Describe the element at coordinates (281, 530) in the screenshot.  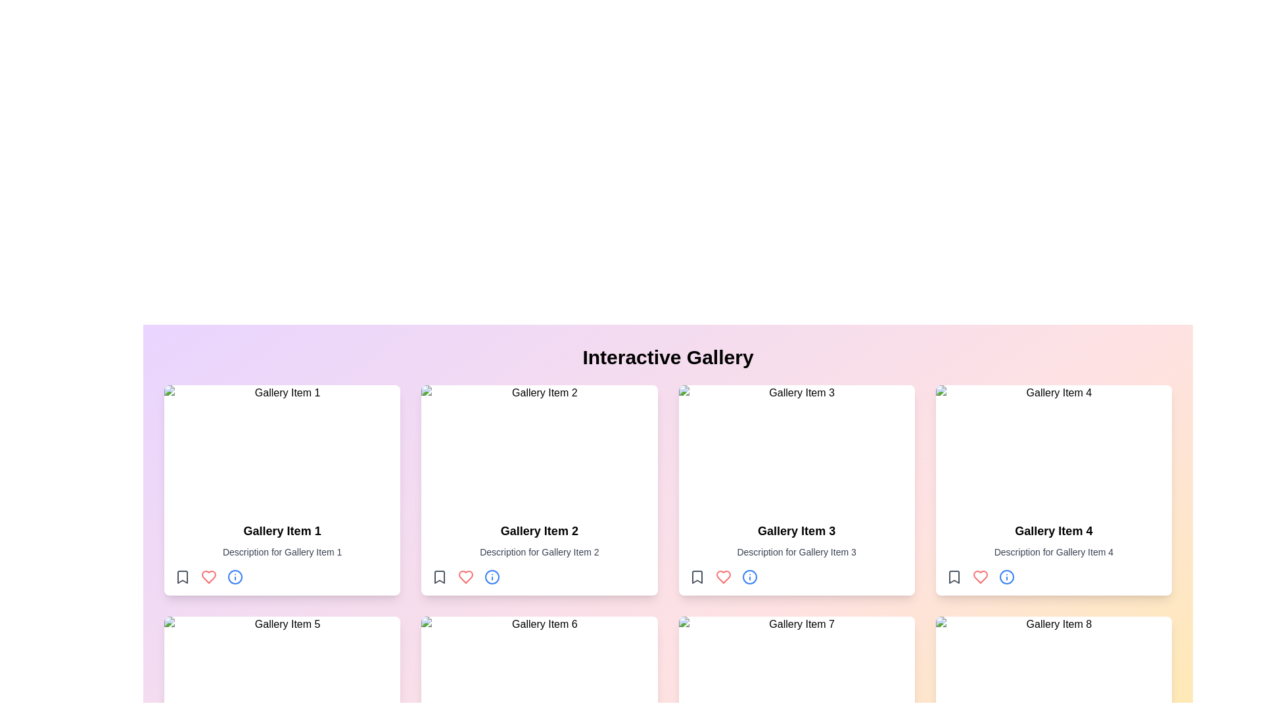
I see `title text of the first gallery item located in the top-left corner of the layout, which is positioned beneath the image and above the description text` at that location.